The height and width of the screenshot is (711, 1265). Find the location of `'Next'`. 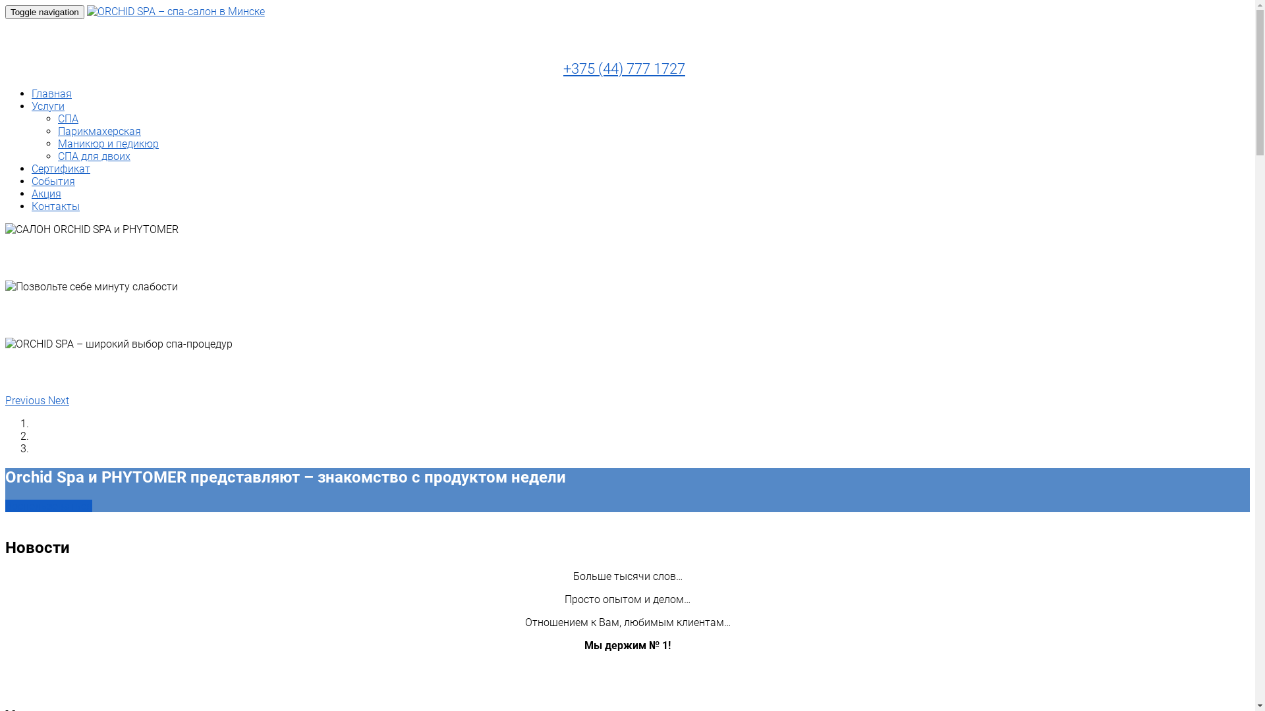

'Next' is located at coordinates (58, 400).